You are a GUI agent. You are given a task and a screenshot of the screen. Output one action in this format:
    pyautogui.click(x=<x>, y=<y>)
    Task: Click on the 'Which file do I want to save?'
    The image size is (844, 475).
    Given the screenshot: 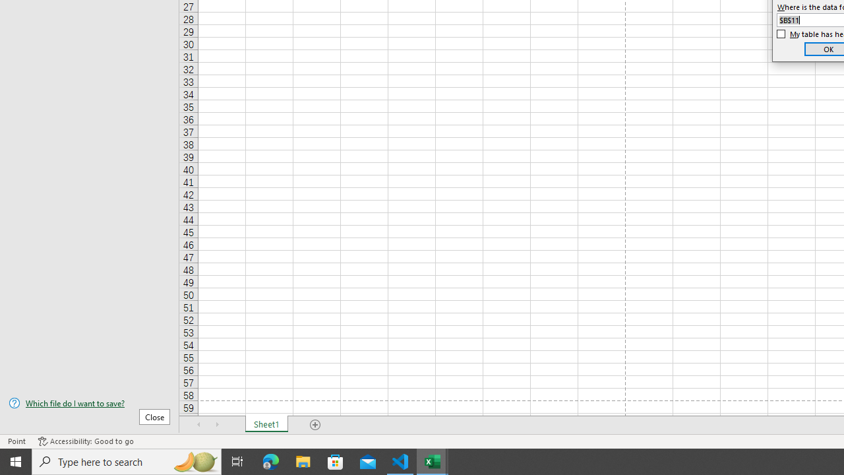 What is the action you would take?
    pyautogui.click(x=89, y=402)
    